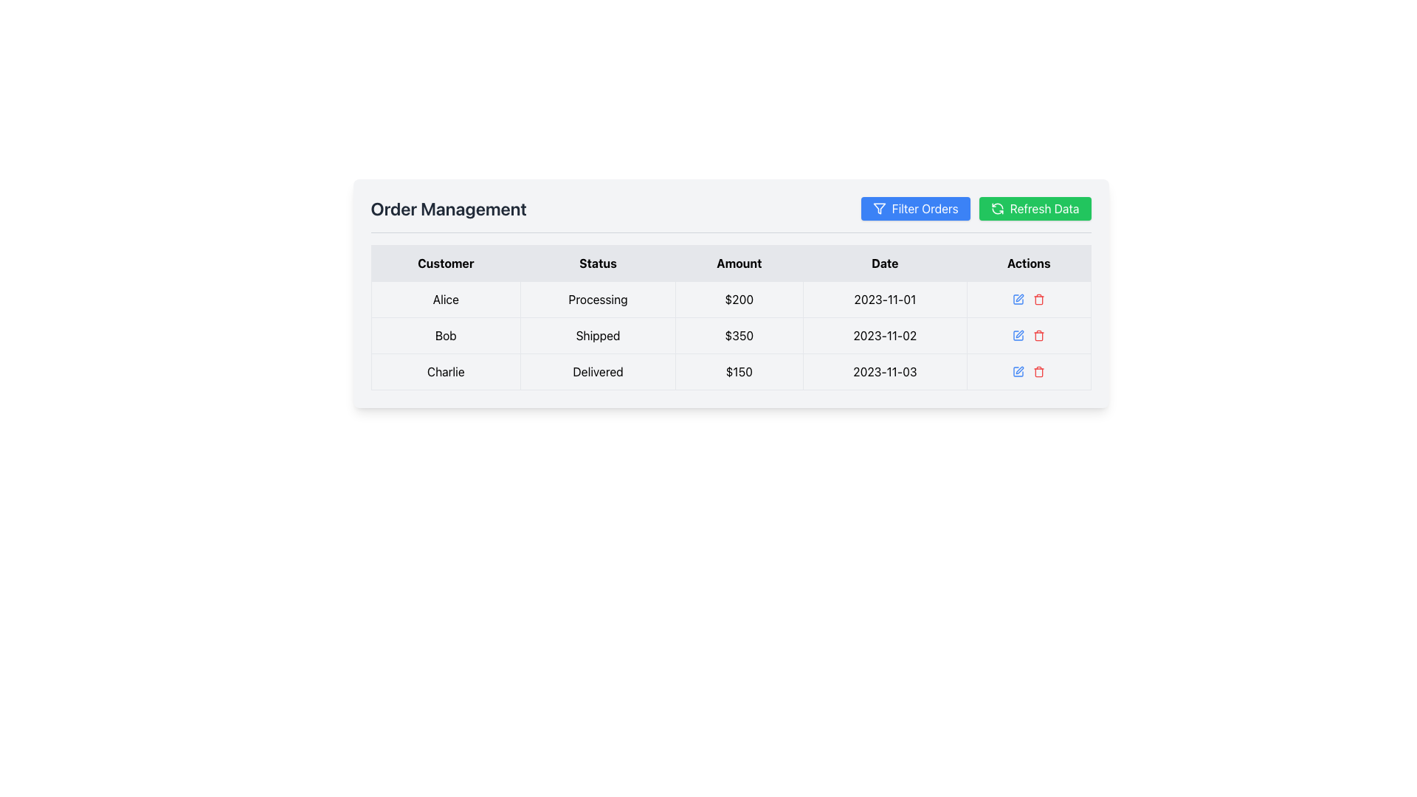  I want to click on the text label displaying 'Processing' in the second column of the first row under the 'Status' column corresponding to 'Alice', so click(598, 299).